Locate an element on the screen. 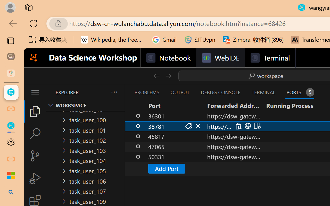 Image resolution: width=330 pixels, height=206 pixels. 'Preview in Editor' is located at coordinates (257, 126).